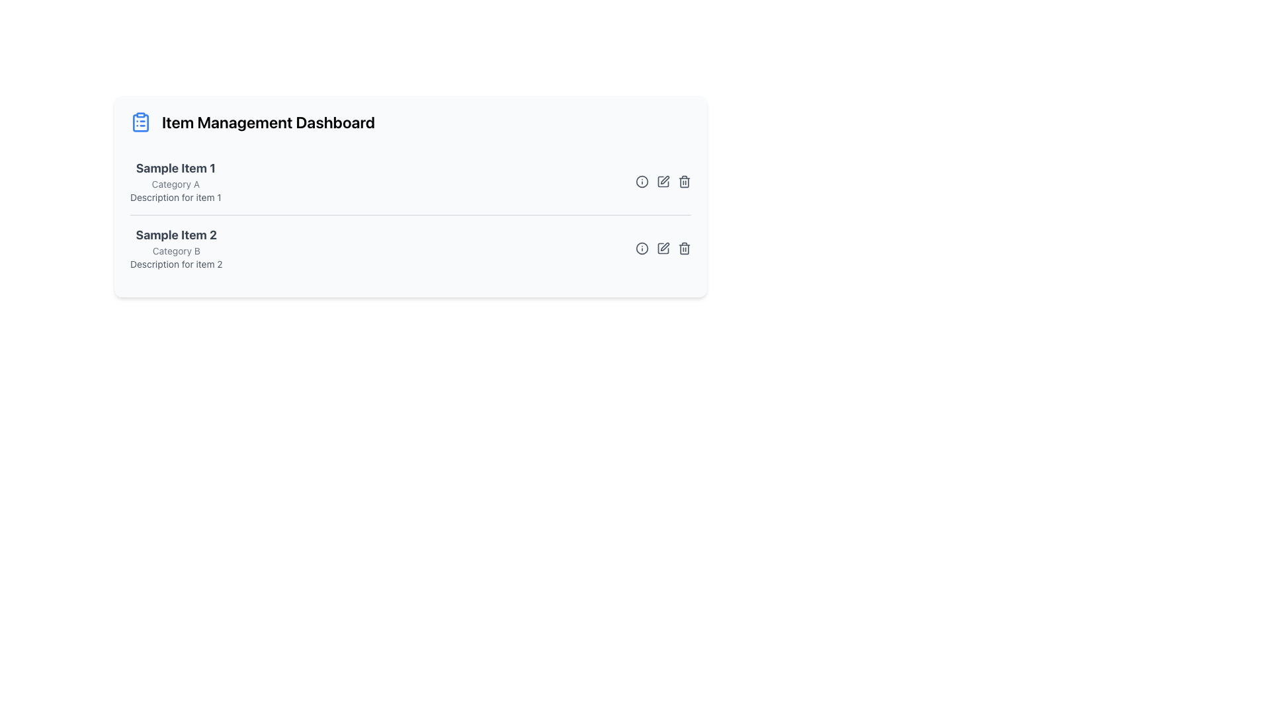 This screenshot has height=714, width=1270. What do you see at coordinates (140, 122) in the screenshot?
I see `the clipboard icon resembling checkboxes, located next to the 'Item Management Dashboard' header` at bounding box center [140, 122].